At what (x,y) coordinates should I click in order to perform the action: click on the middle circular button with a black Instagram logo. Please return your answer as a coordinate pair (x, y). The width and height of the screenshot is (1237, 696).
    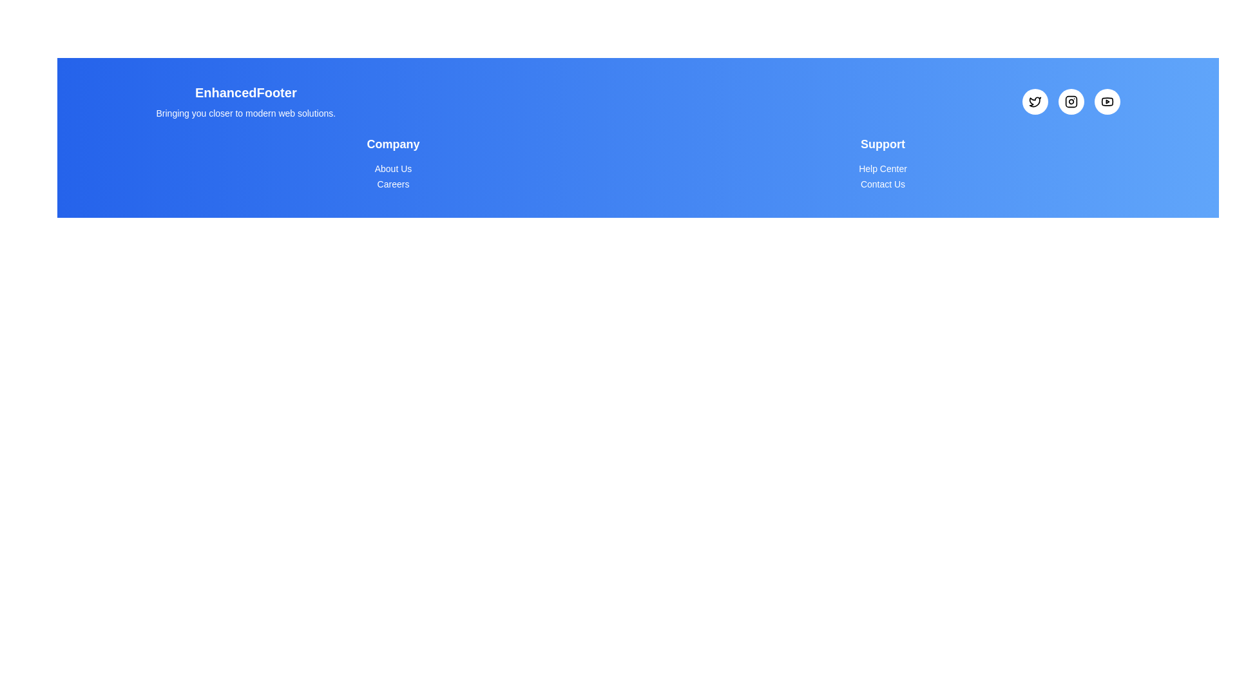
    Looking at the image, I should click on (1071, 101).